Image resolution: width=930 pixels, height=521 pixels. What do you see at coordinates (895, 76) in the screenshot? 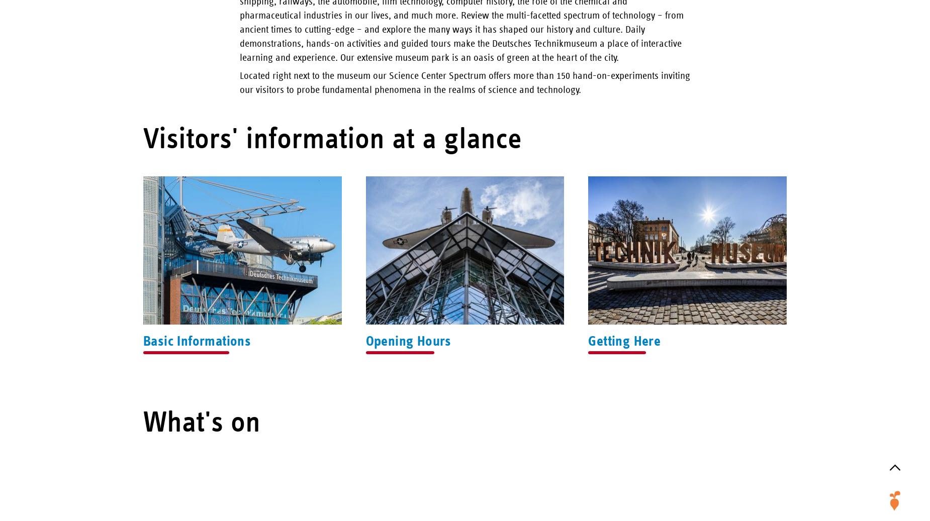
I see `'Sugar'` at bounding box center [895, 76].